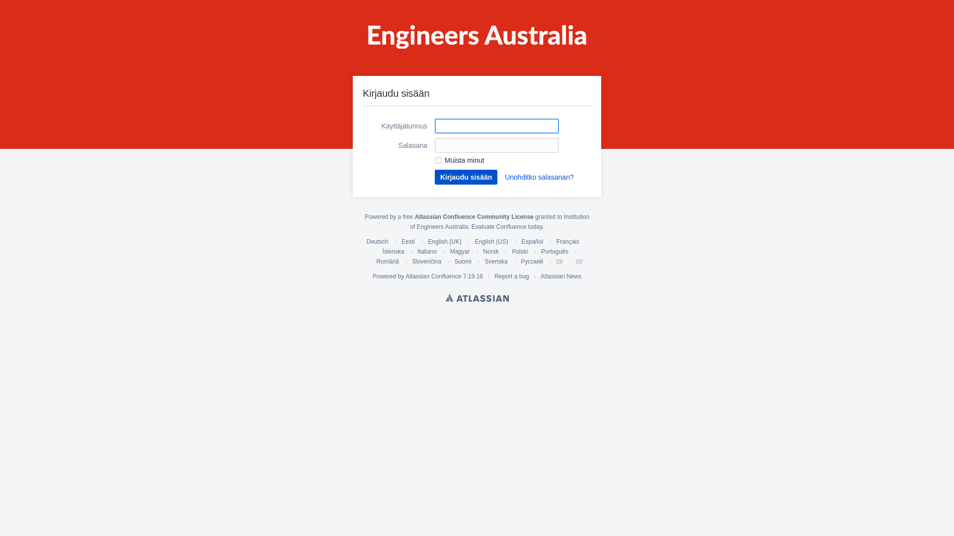 The height and width of the screenshot is (536, 954). Describe the element at coordinates (491, 241) in the screenshot. I see `'English (US)'` at that location.